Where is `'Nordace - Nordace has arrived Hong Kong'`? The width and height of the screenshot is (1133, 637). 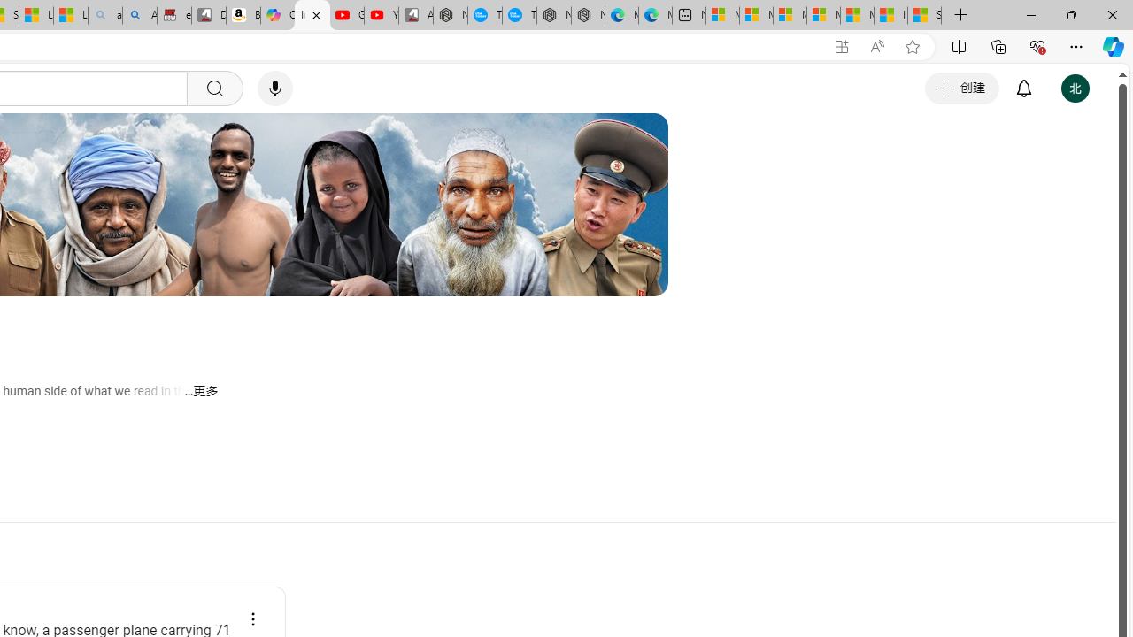 'Nordace - Nordace has arrived Hong Kong' is located at coordinates (588, 15).